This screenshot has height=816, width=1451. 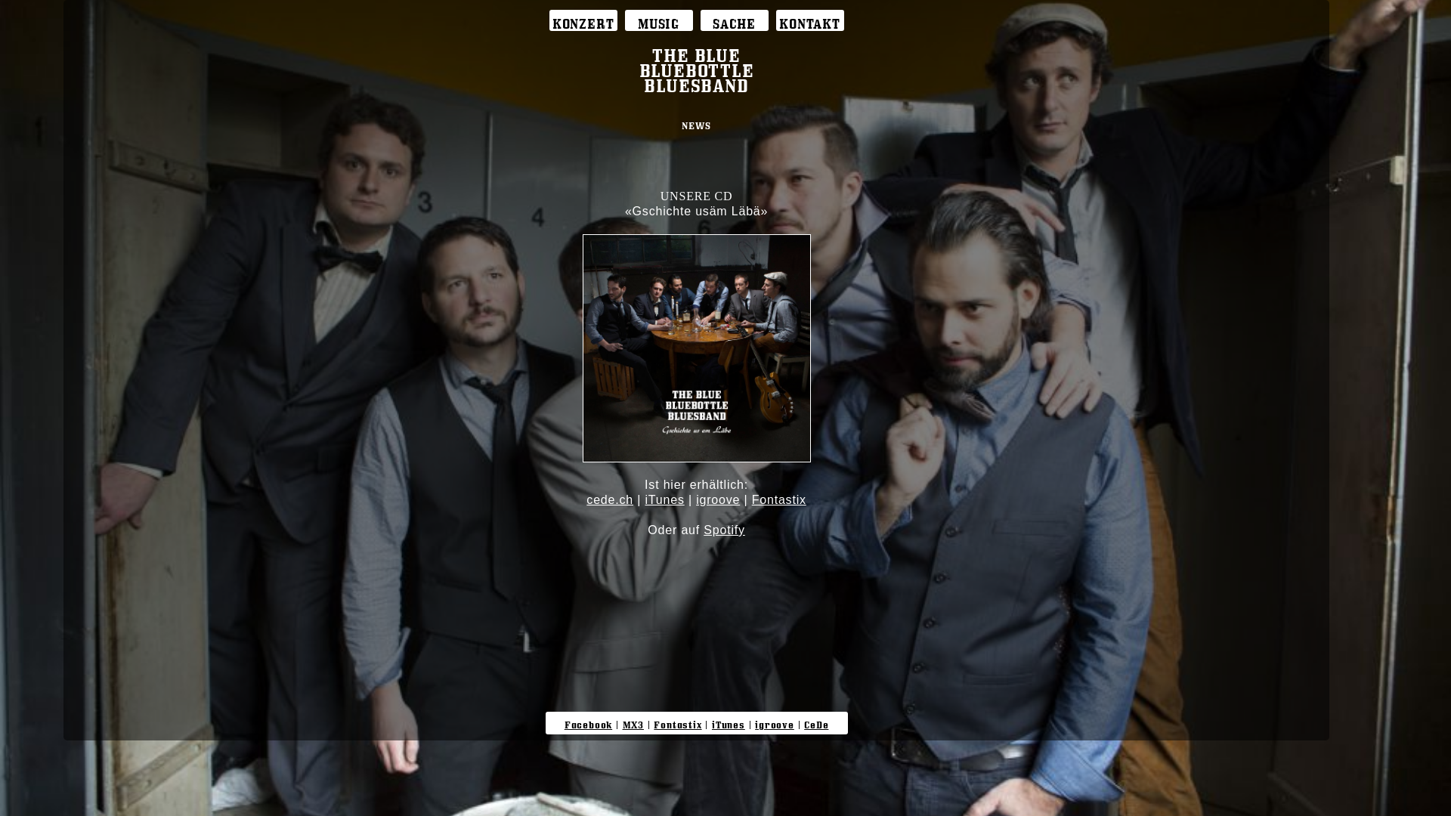 What do you see at coordinates (633, 722) in the screenshot?
I see `'MX3'` at bounding box center [633, 722].